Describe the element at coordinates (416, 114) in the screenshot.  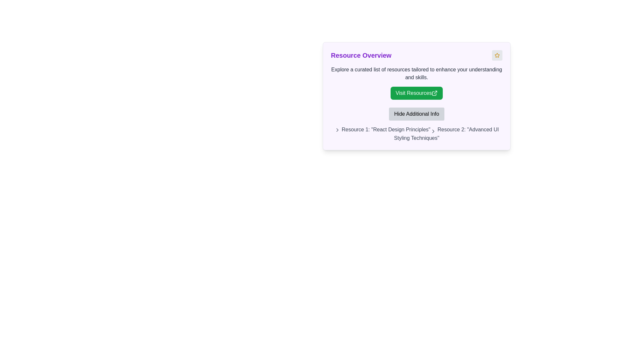
I see `the button below the 'Visit Resources' button in the 'Resource Overview' section to hide additional information` at that location.